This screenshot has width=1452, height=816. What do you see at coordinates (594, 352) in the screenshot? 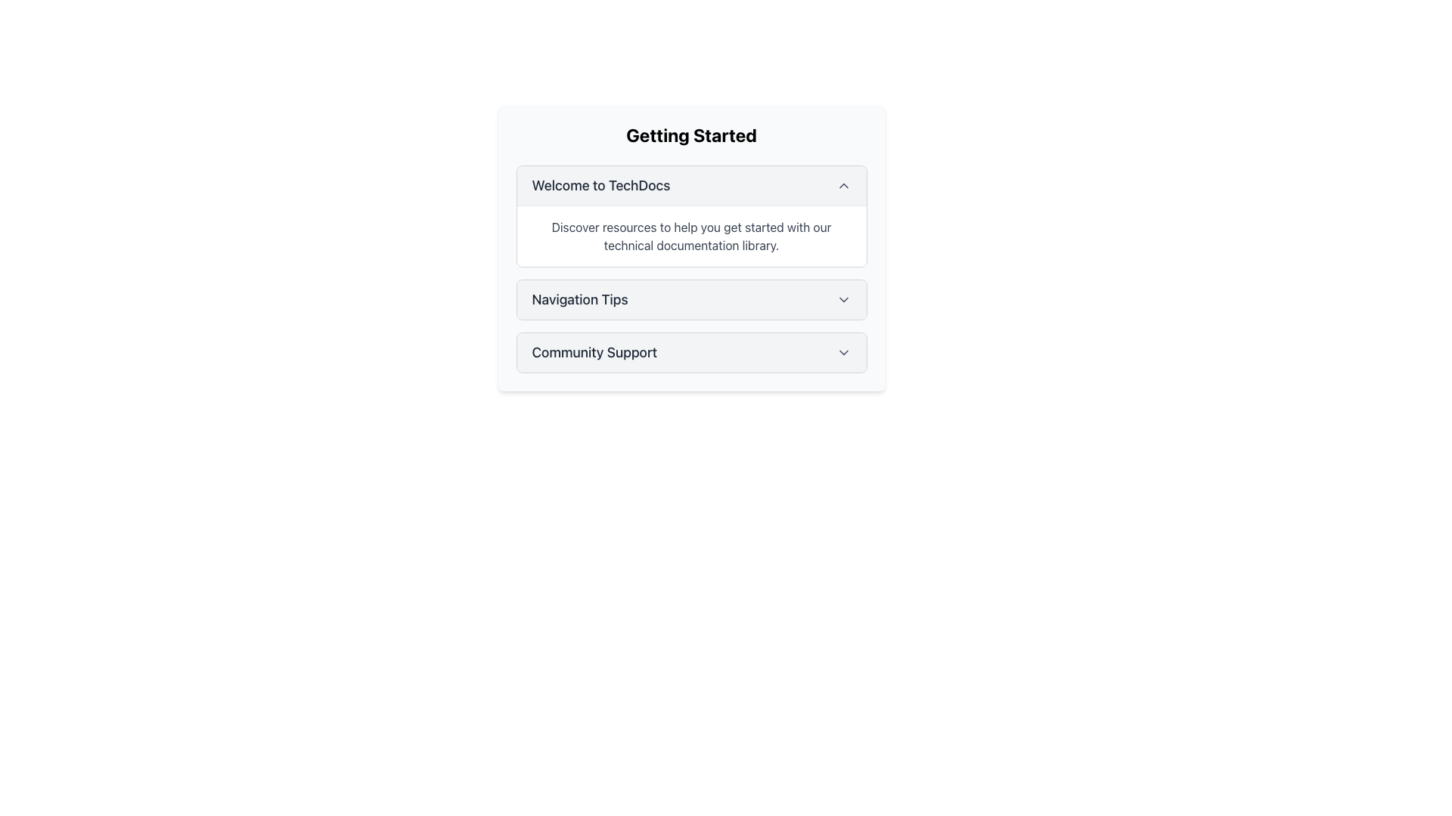
I see `the 'Community Support' text label, which is the title of the third collapsible panel in the 'Getting Started' section` at bounding box center [594, 352].